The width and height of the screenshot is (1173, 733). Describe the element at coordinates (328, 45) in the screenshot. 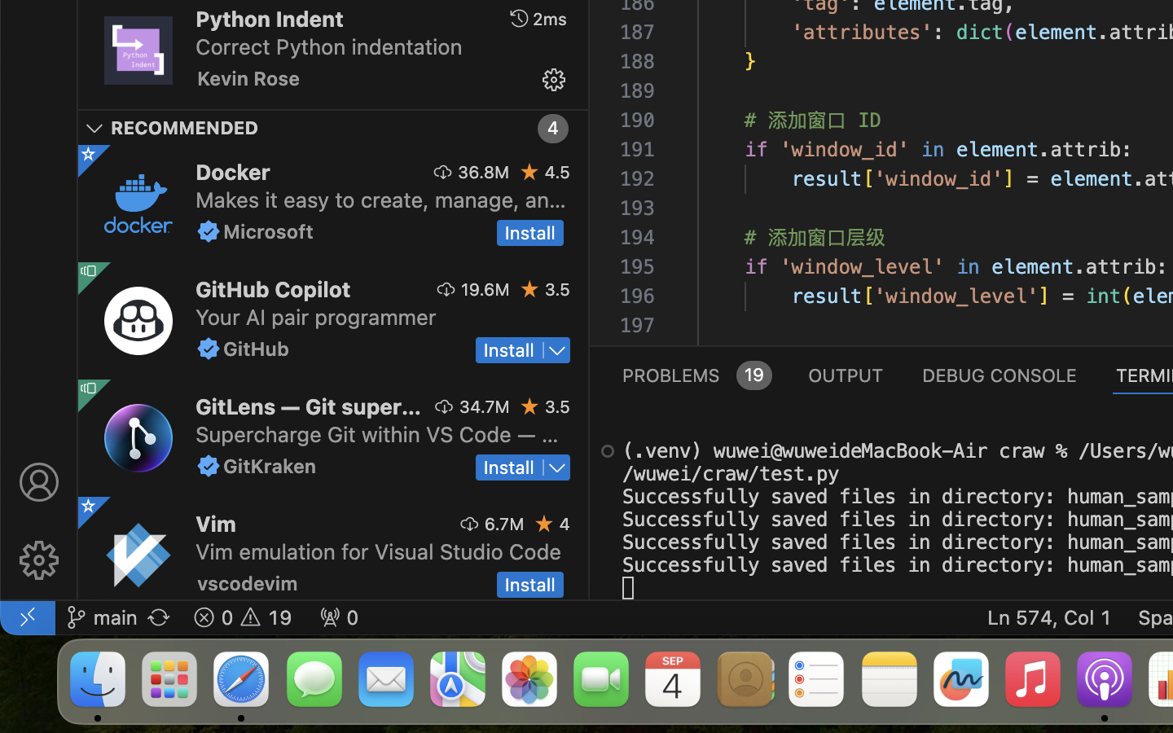

I see `'Correct Python indentation'` at that location.